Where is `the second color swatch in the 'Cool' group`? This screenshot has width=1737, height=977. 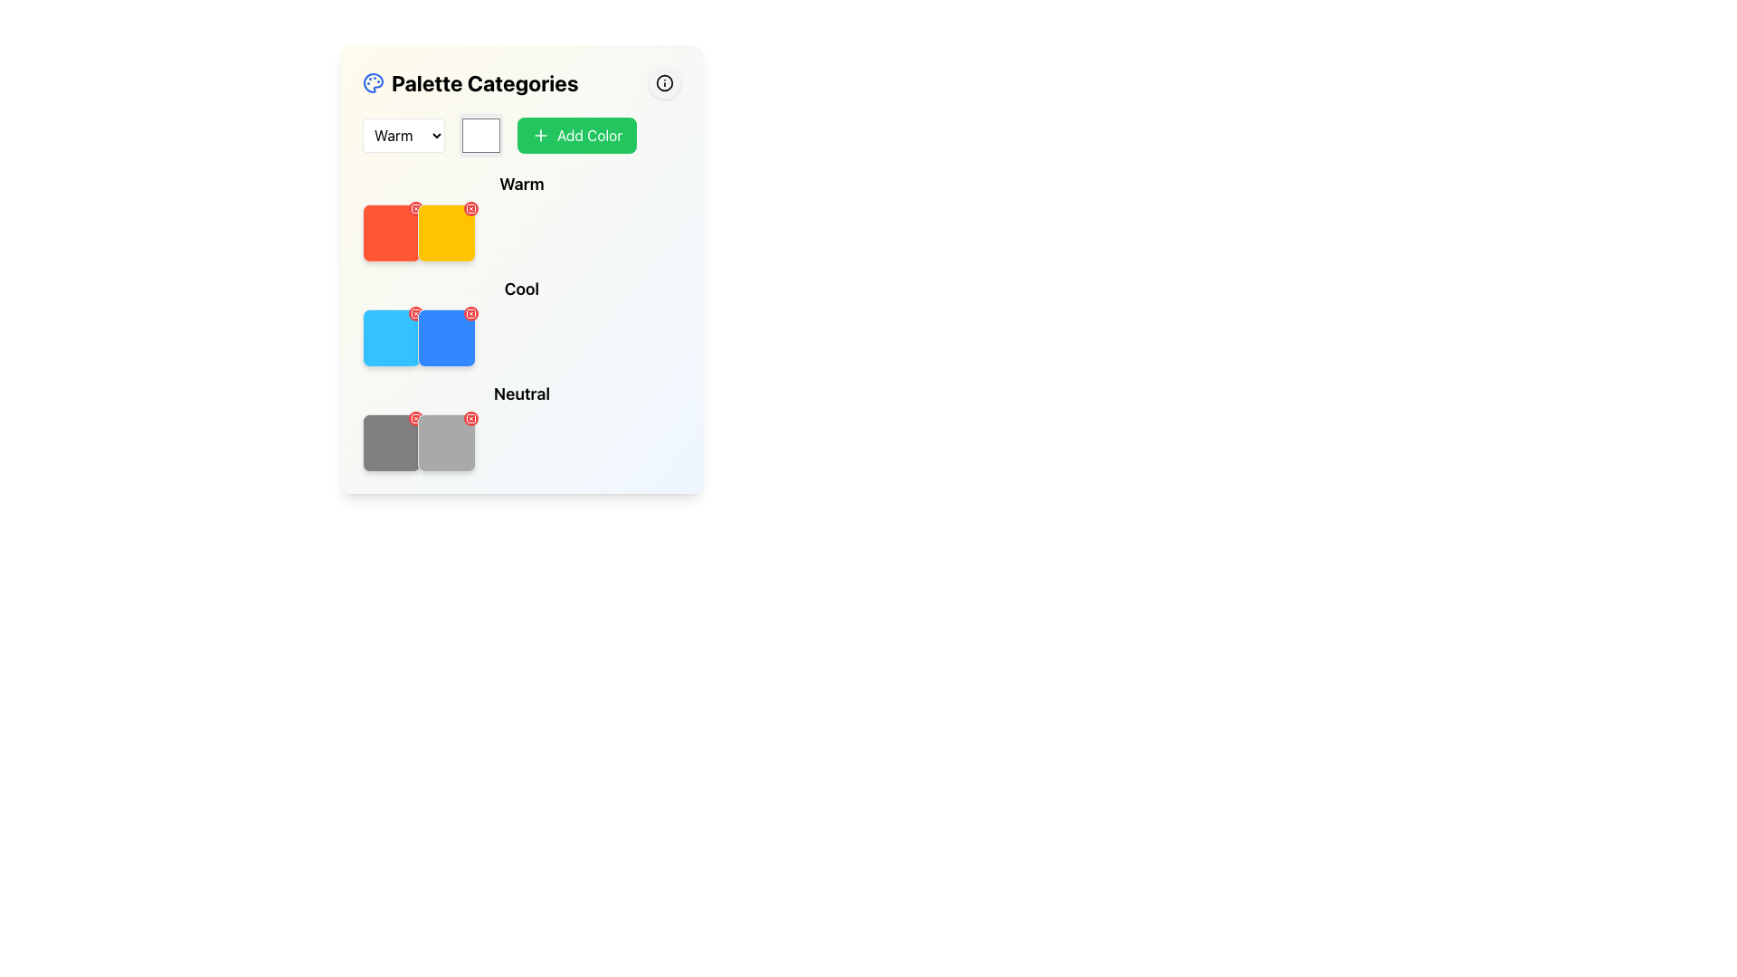 the second color swatch in the 'Cool' group is located at coordinates (447, 338).